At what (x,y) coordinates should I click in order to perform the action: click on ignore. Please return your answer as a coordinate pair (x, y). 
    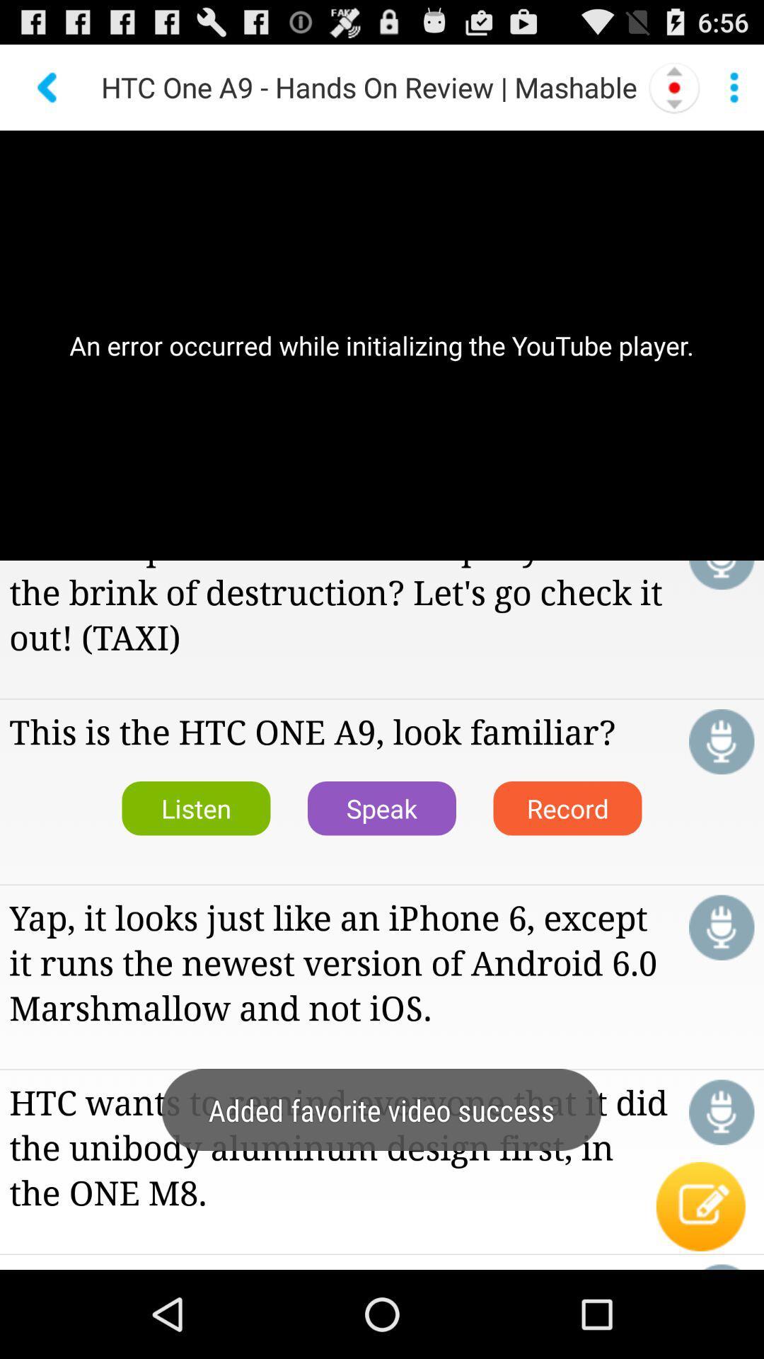
    Looking at the image, I should click on (722, 575).